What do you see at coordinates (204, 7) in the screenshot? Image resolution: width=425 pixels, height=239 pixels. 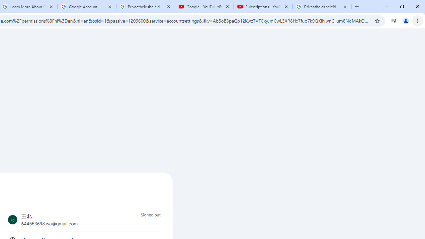 I see `'Google - YouTube - Audio playing'` at bounding box center [204, 7].